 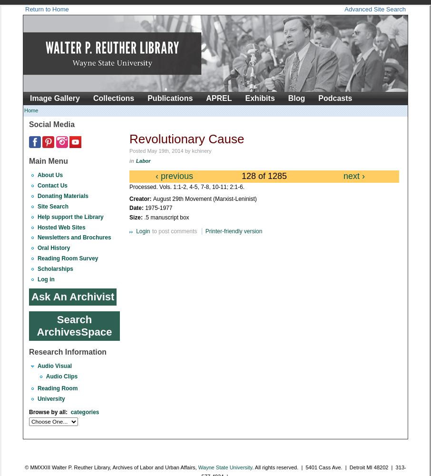 I want to click on 'Revolutionary Cause', so click(x=186, y=139).